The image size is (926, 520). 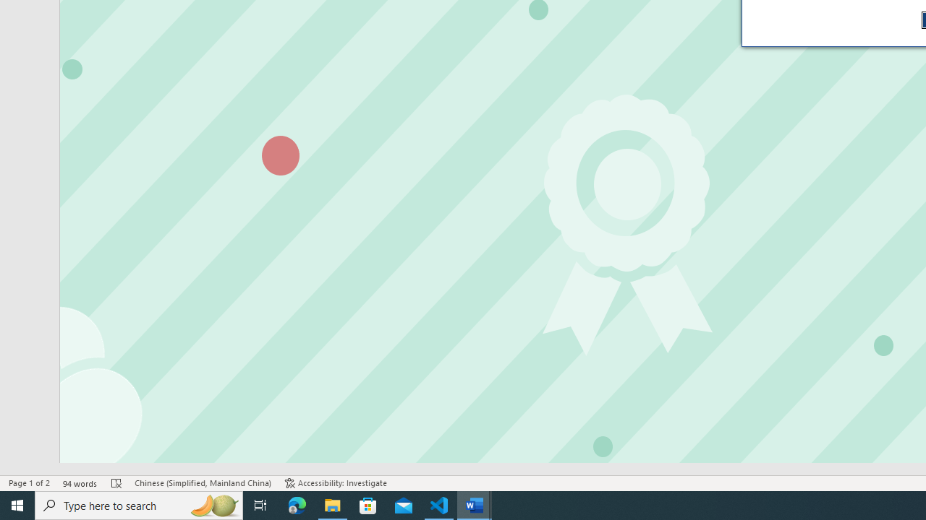 What do you see at coordinates (438, 504) in the screenshot?
I see `'Visual Studio Code - 1 running window'` at bounding box center [438, 504].